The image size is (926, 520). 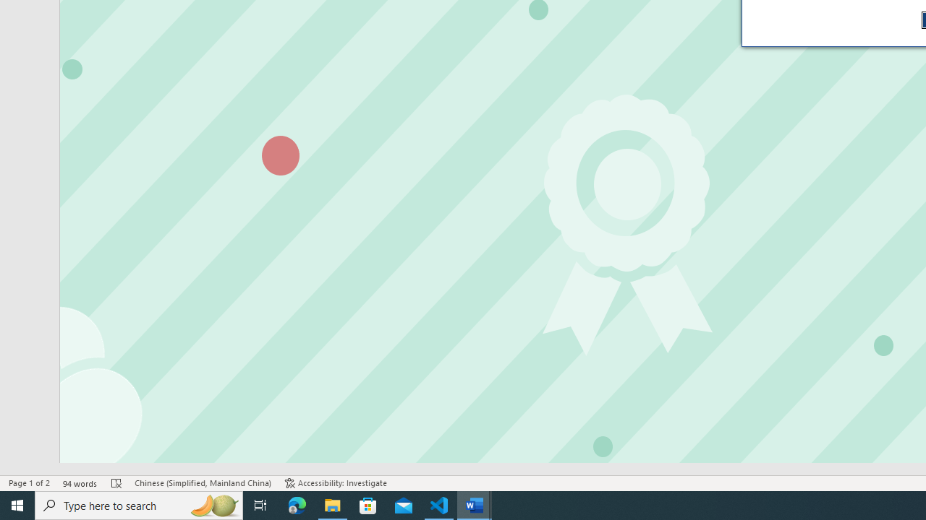 What do you see at coordinates (438, 504) in the screenshot?
I see `'Visual Studio Code - 1 running window'` at bounding box center [438, 504].